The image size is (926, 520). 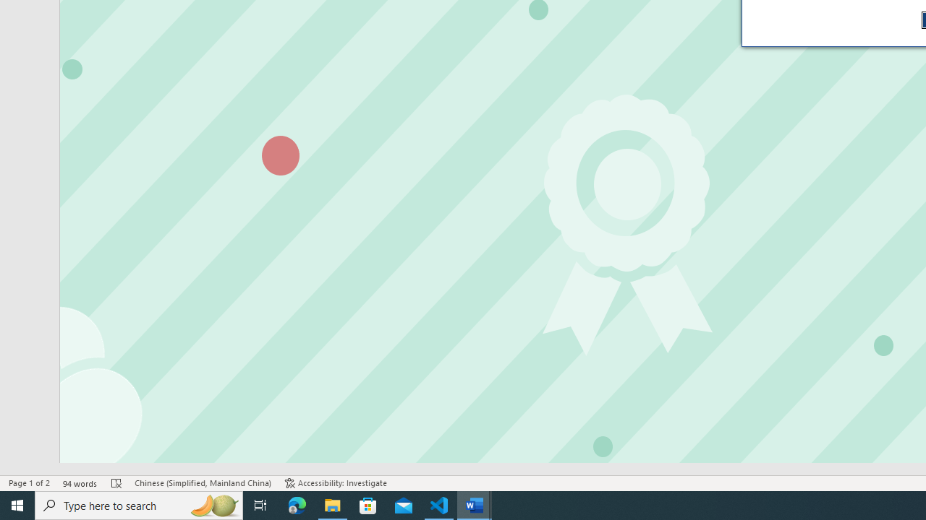 What do you see at coordinates (438, 504) in the screenshot?
I see `'Visual Studio Code - 1 running window'` at bounding box center [438, 504].